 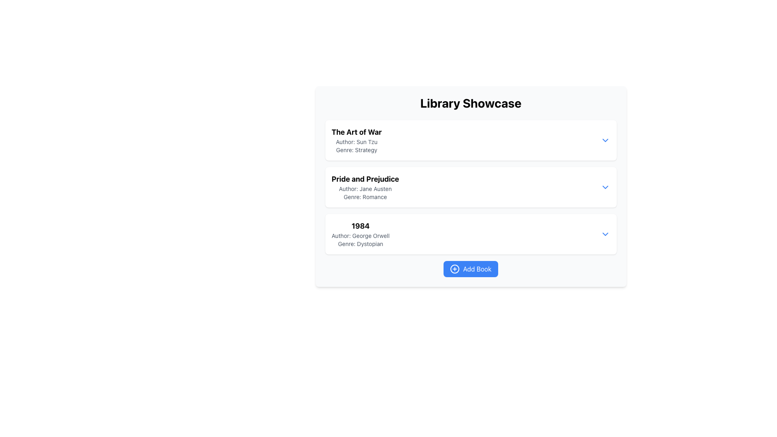 What do you see at coordinates (356, 142) in the screenshot?
I see `text label displaying the author's name for the book, located centrally below the title 'The Art of War' and above the genre information 'Genre: Strategy'` at bounding box center [356, 142].